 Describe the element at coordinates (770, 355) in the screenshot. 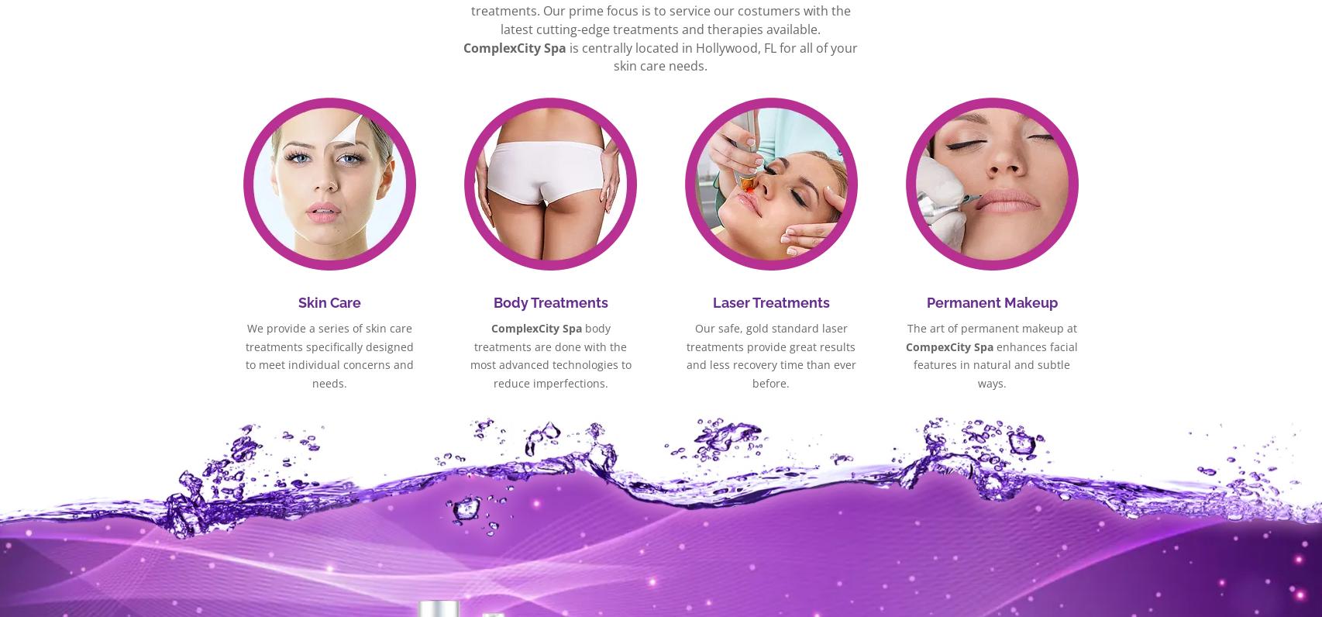

I see `'Our safe, gold standard laser treatments provide great results and less recovery time than ever before.'` at that location.